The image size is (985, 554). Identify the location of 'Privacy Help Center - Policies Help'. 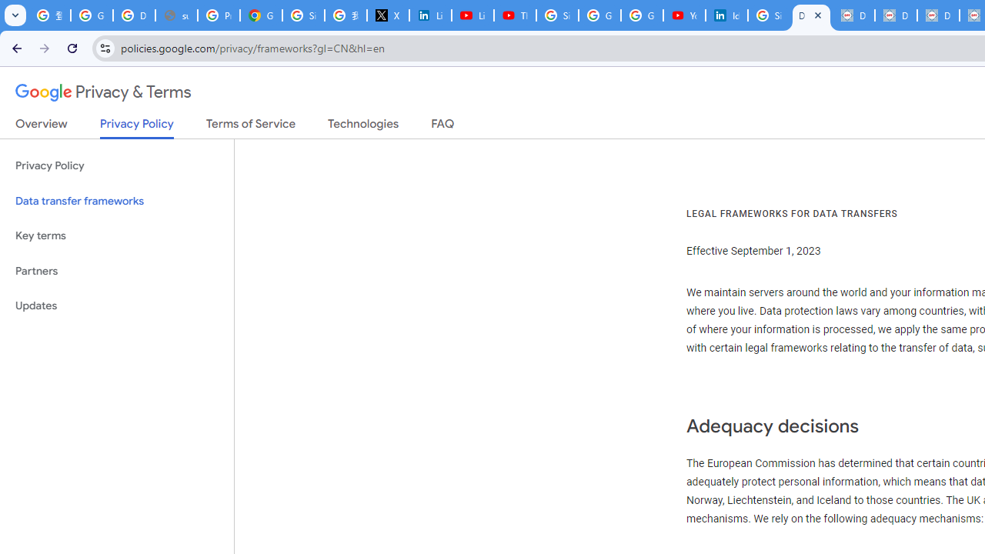
(218, 15).